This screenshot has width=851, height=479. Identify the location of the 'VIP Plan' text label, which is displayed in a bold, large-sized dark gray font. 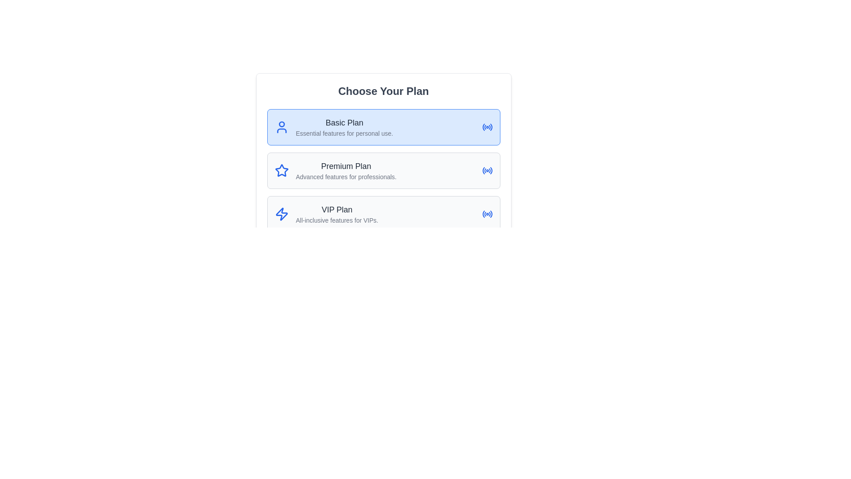
(336, 210).